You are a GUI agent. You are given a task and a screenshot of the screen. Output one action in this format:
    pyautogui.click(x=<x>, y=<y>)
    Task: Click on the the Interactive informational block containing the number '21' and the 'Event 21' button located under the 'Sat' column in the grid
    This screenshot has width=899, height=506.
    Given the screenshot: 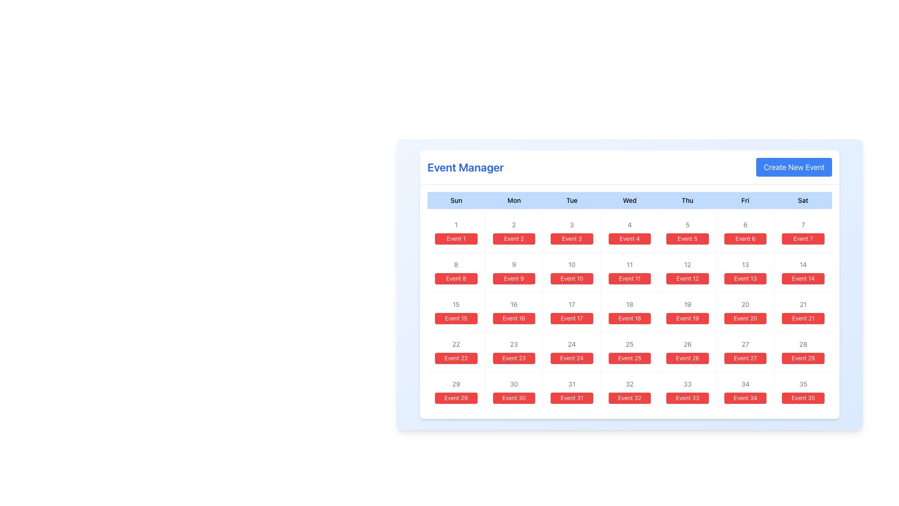 What is the action you would take?
    pyautogui.click(x=803, y=312)
    